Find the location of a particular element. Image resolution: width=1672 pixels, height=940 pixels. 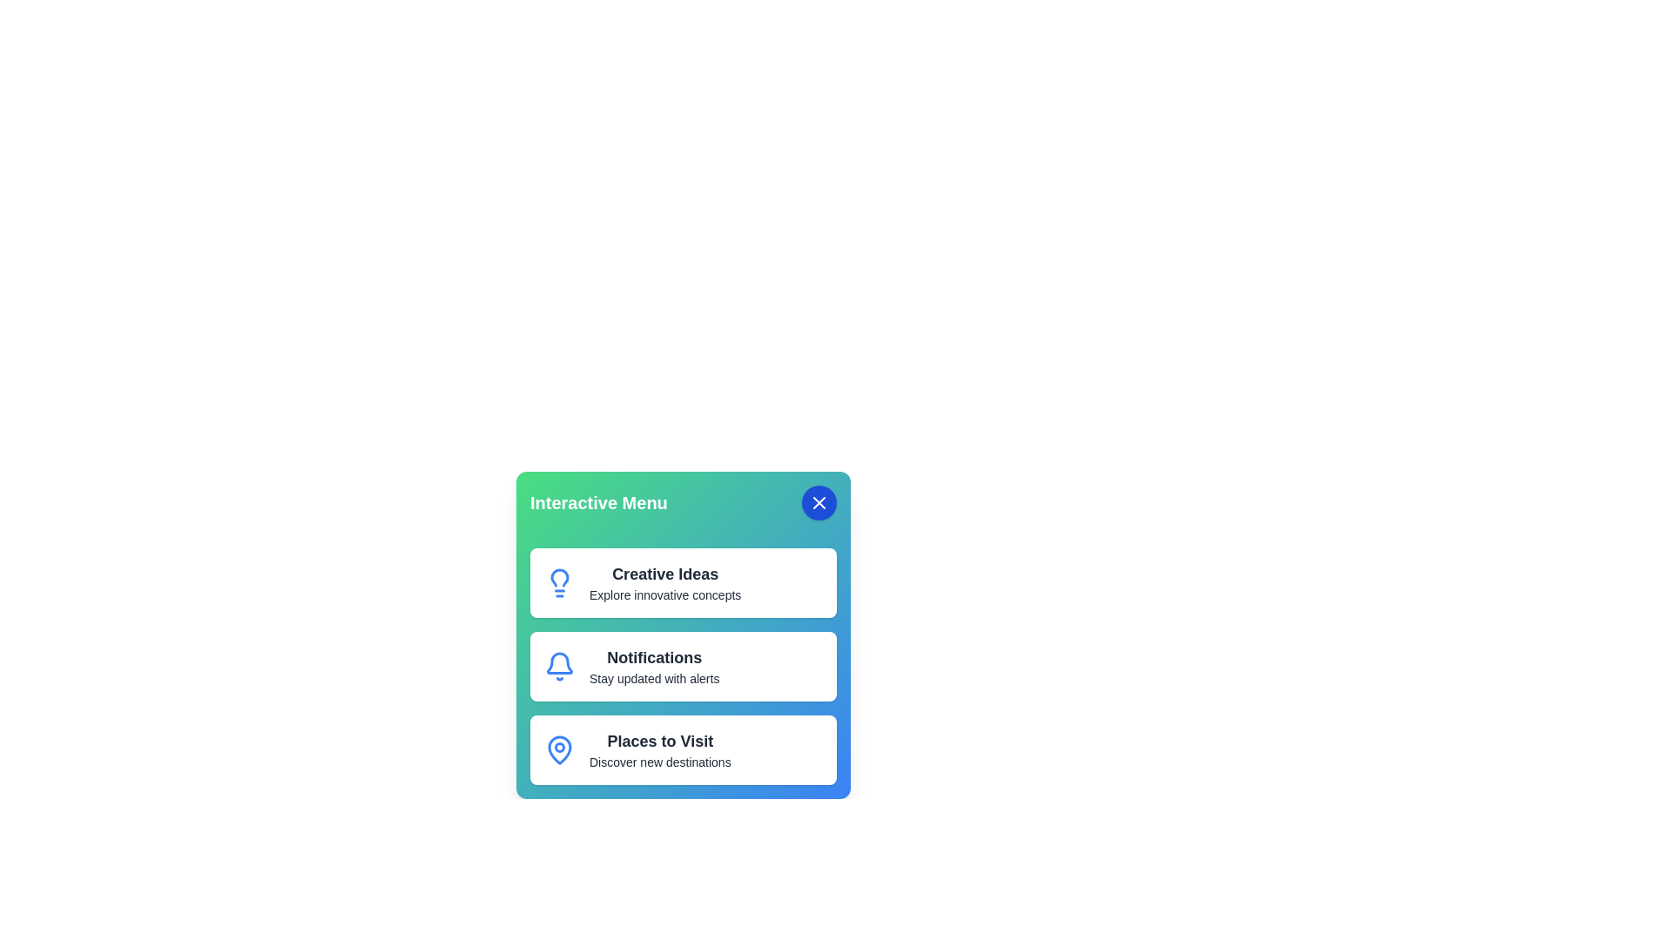

the icon of the menu item Places to Visit to trigger its visual feedback is located at coordinates (560, 749).